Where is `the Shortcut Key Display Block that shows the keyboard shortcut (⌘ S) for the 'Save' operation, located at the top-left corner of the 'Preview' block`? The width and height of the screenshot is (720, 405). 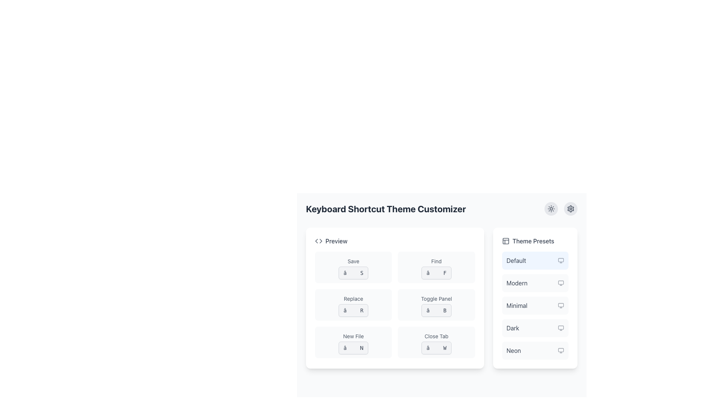
the Shortcut Key Display Block that shows the keyboard shortcut (⌘ S) for the 'Save' operation, located at the top-left corner of the 'Preview' block is located at coordinates (353, 267).